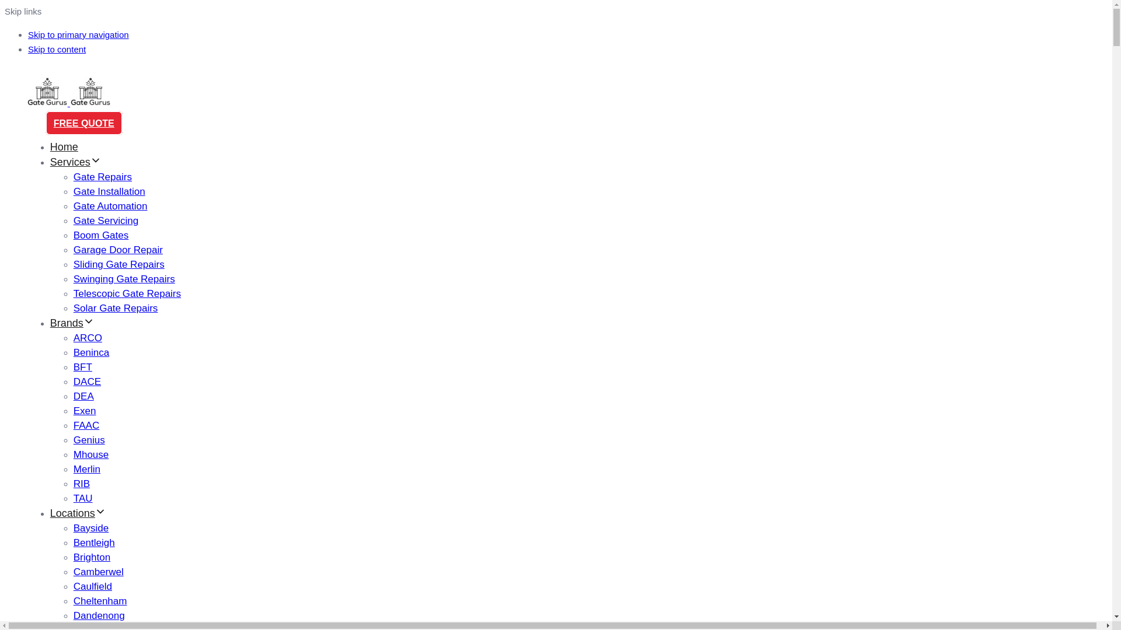  What do you see at coordinates (118, 249) in the screenshot?
I see `'Garage Door Repair'` at bounding box center [118, 249].